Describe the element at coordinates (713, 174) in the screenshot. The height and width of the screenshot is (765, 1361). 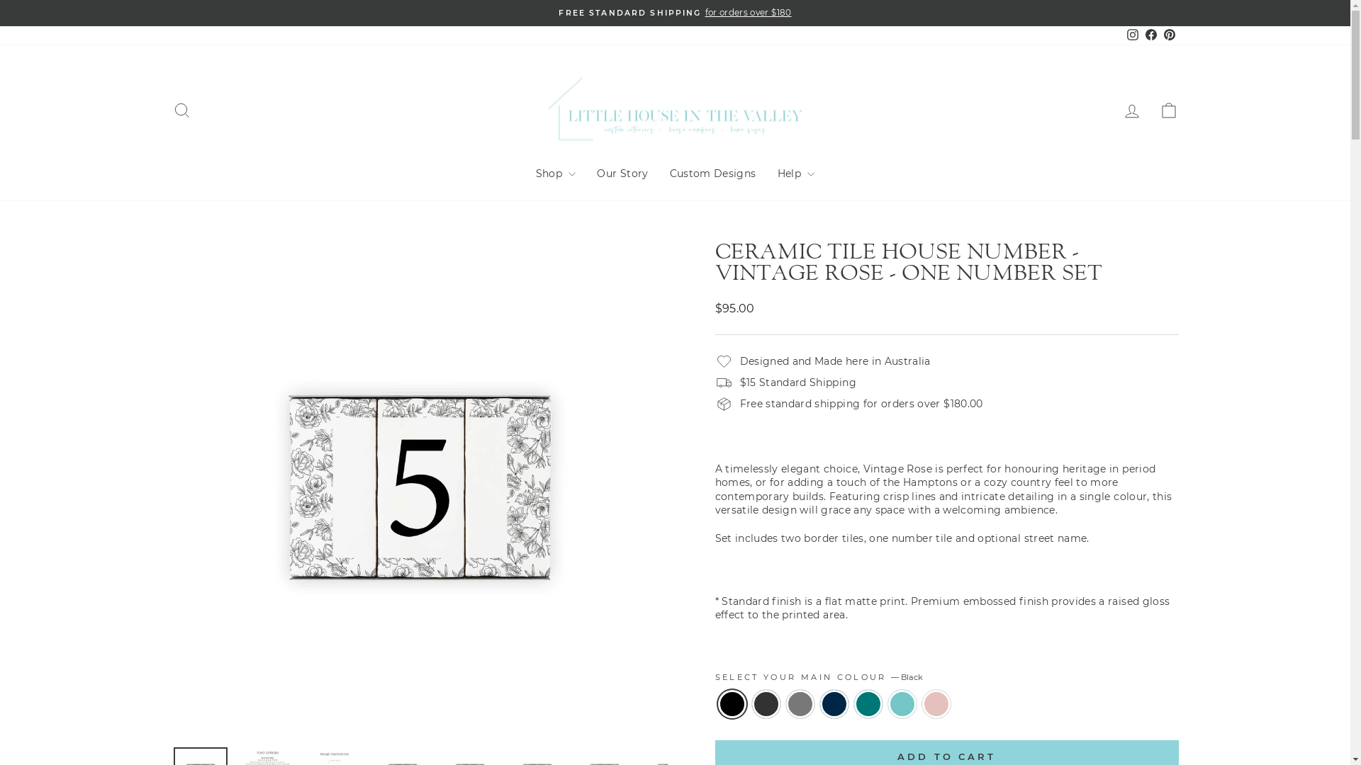
I see `'Custom Designs'` at that location.